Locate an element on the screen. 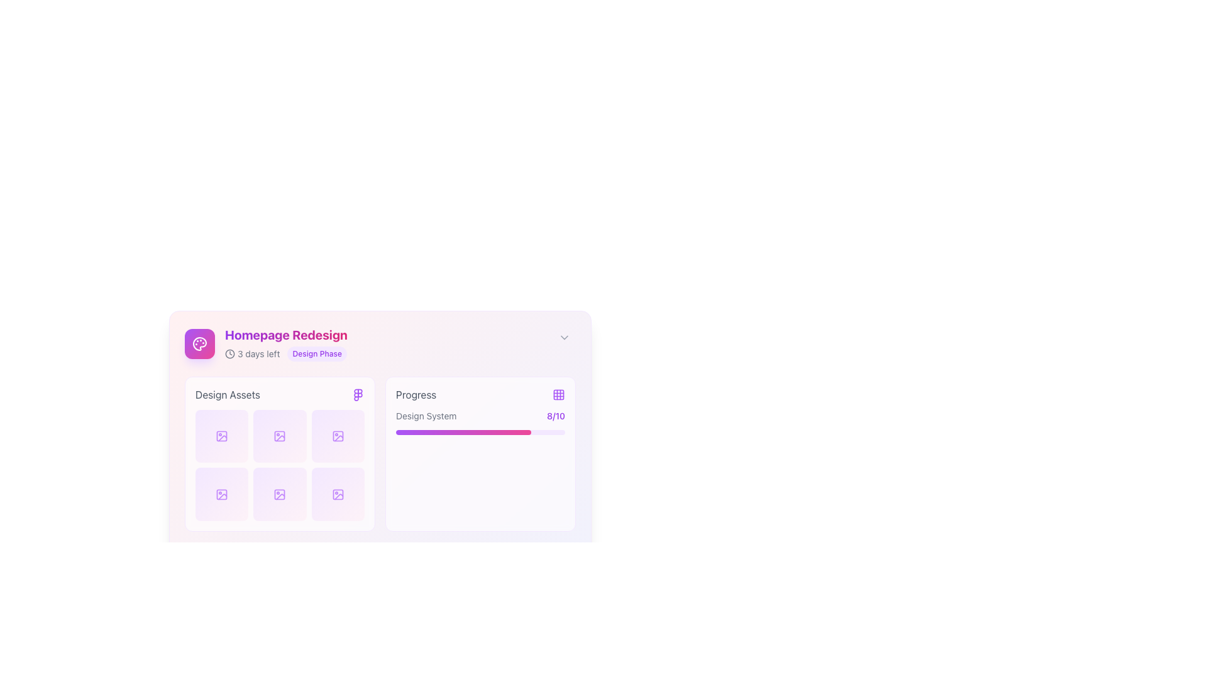  the image icon located in the lower-middle square of the 'Design Assets' grid is located at coordinates (279, 493).